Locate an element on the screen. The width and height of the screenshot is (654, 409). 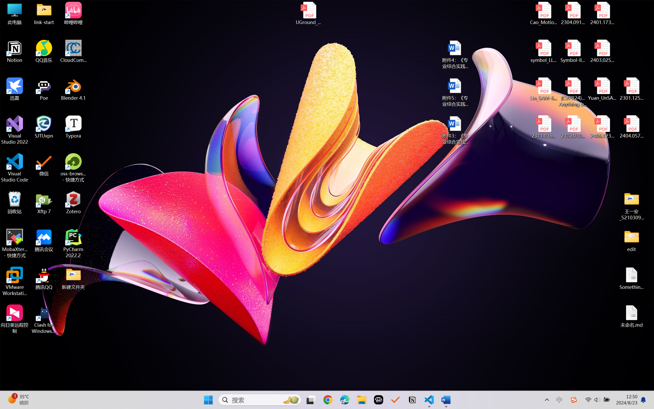
'Visual Studio 2022' is located at coordinates (14, 130).